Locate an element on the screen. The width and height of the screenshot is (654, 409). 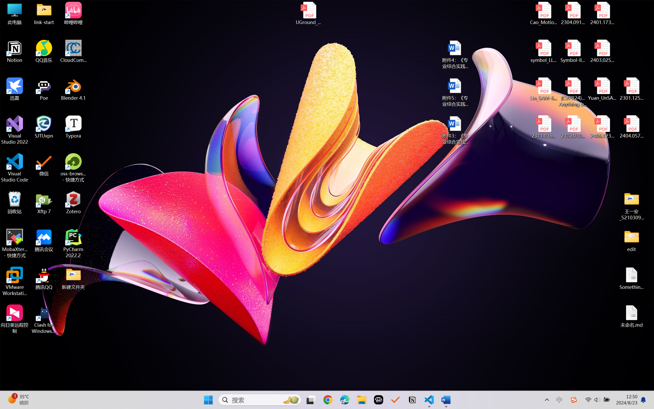
'Visual Studio 2022' is located at coordinates (14, 130).